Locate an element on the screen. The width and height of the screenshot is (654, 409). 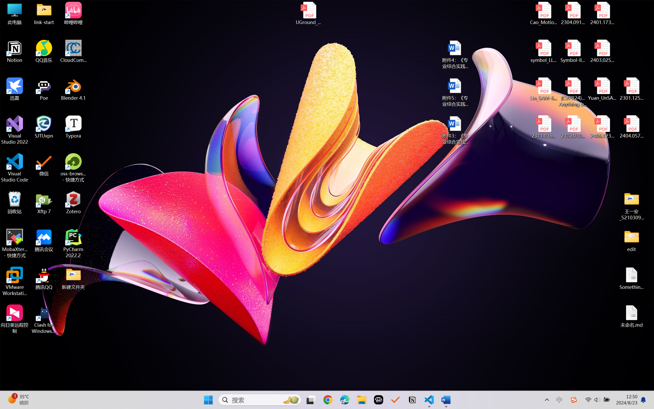
'Visual Studio 2022' is located at coordinates (14, 130).